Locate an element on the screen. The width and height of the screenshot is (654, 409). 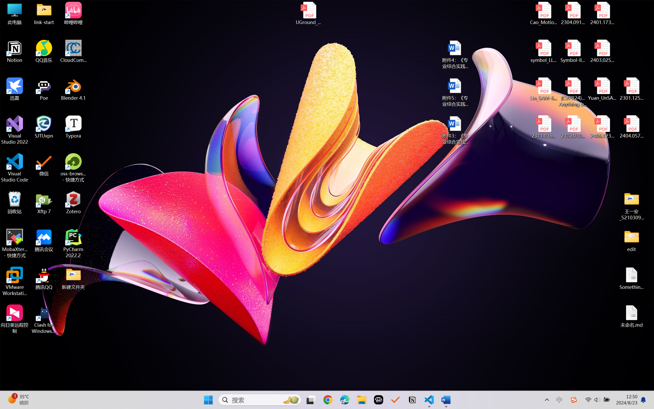
'Visual Studio 2022' is located at coordinates (14, 130).